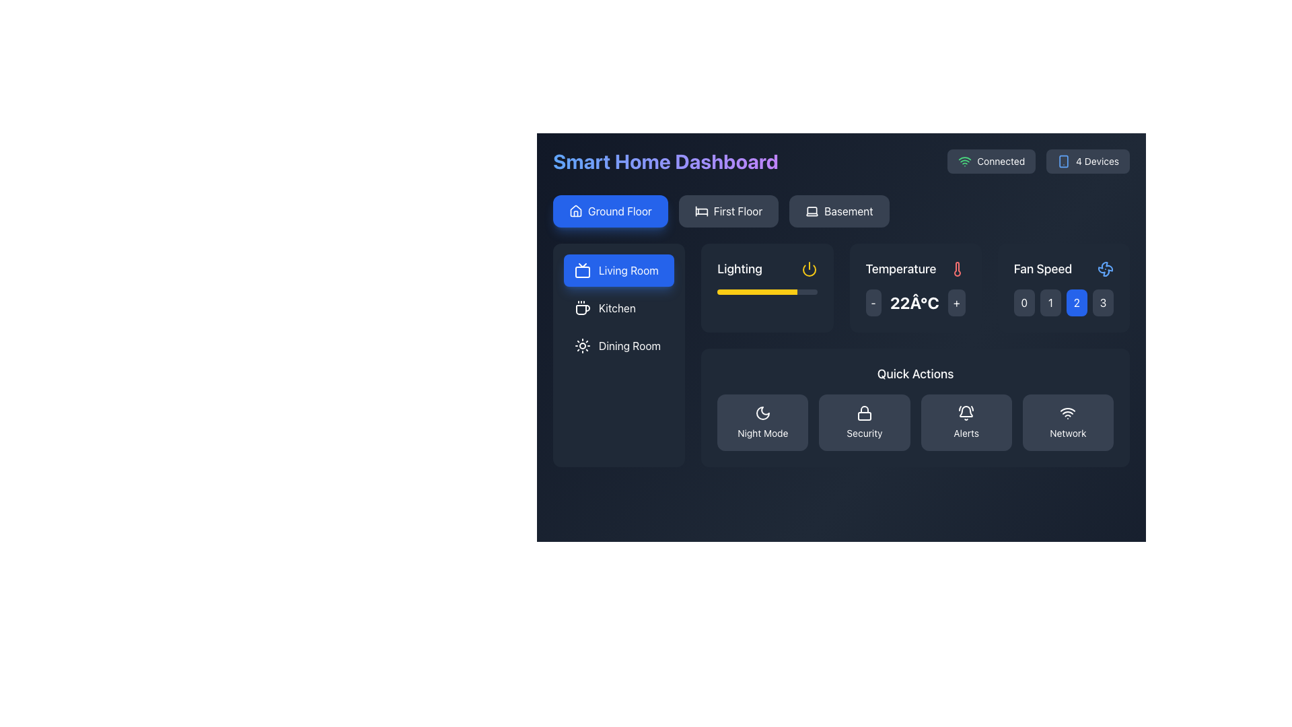 The image size is (1292, 727). Describe the element at coordinates (1024, 303) in the screenshot. I see `the first button in the horizontal grid that sets the fan speed to zero, located next to the 'Fan Speed' label under the 'Temperature' section` at that location.